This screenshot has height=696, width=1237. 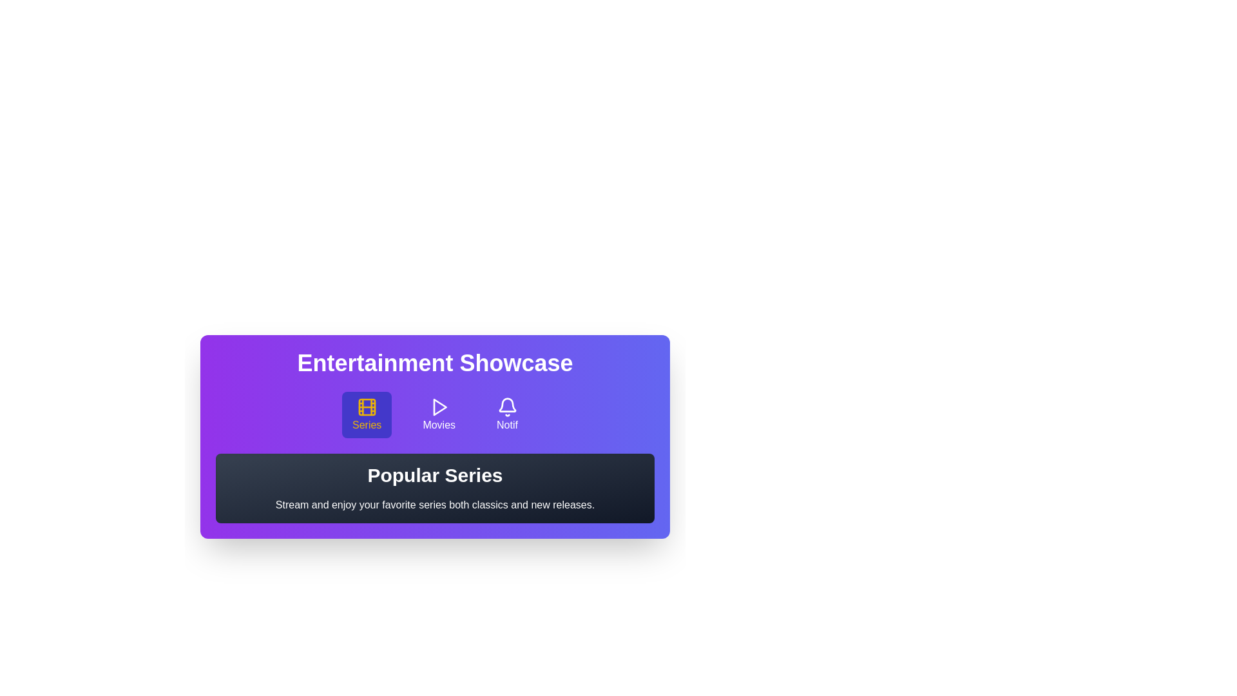 What do you see at coordinates (440, 407) in the screenshot?
I see `the 'Movies' icon, which is the second icon in a row of three, located in the purple header section` at bounding box center [440, 407].